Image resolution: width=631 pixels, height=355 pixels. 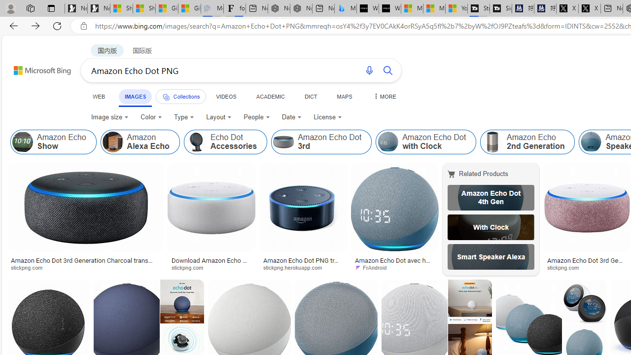 What do you see at coordinates (184, 116) in the screenshot?
I see `'Type'` at bounding box center [184, 116].